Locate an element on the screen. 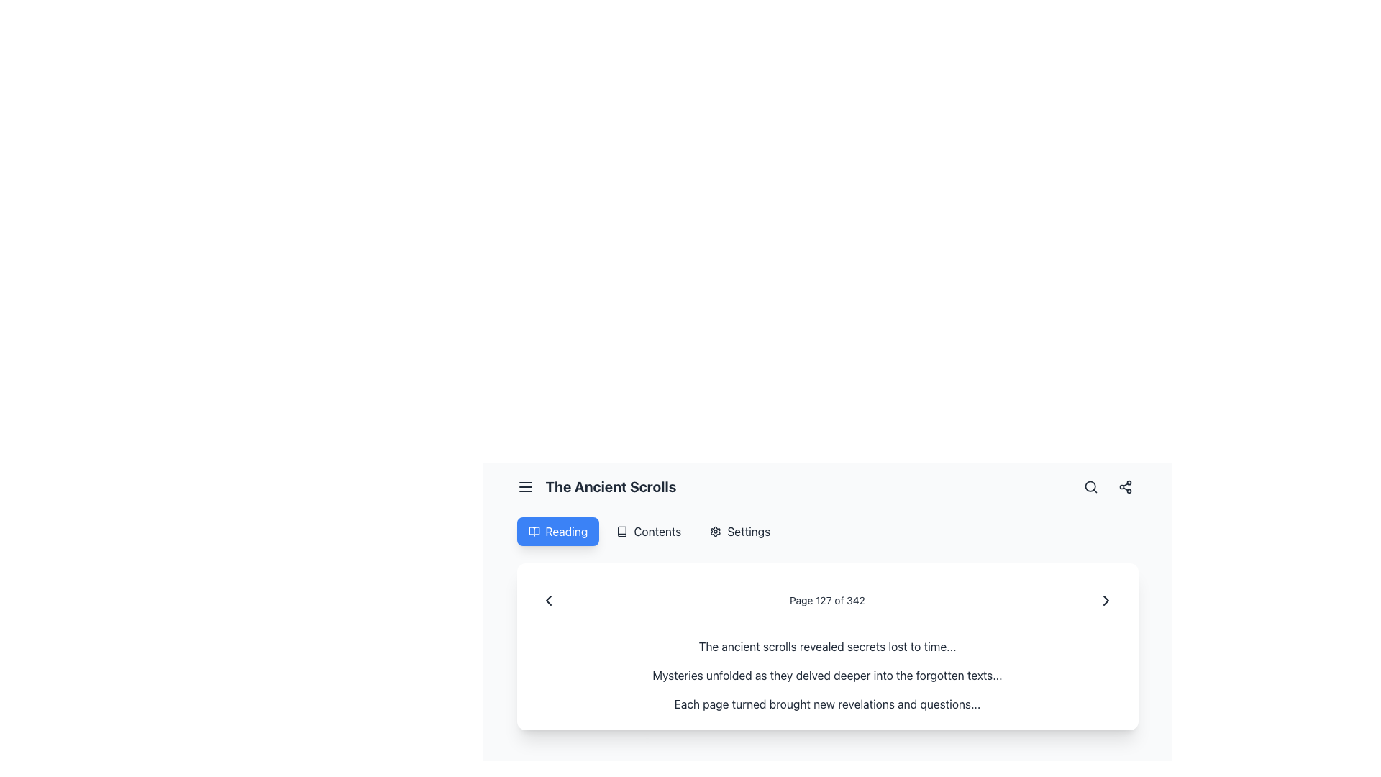 The width and height of the screenshot is (1381, 777). the 'Settings' label which includes a gear icon, located below the title 'The Ancient Scrolls', to the right of adjacent labels like 'Reading' and 'Contents' is located at coordinates (740, 532).